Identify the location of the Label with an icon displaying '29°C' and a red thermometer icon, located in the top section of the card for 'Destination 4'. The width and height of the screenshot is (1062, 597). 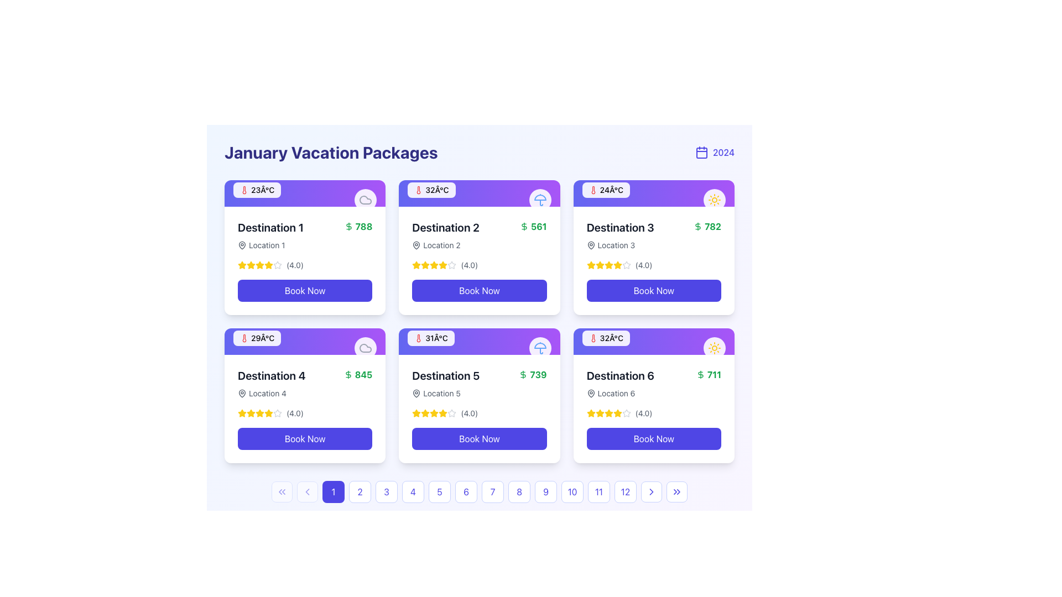
(305, 341).